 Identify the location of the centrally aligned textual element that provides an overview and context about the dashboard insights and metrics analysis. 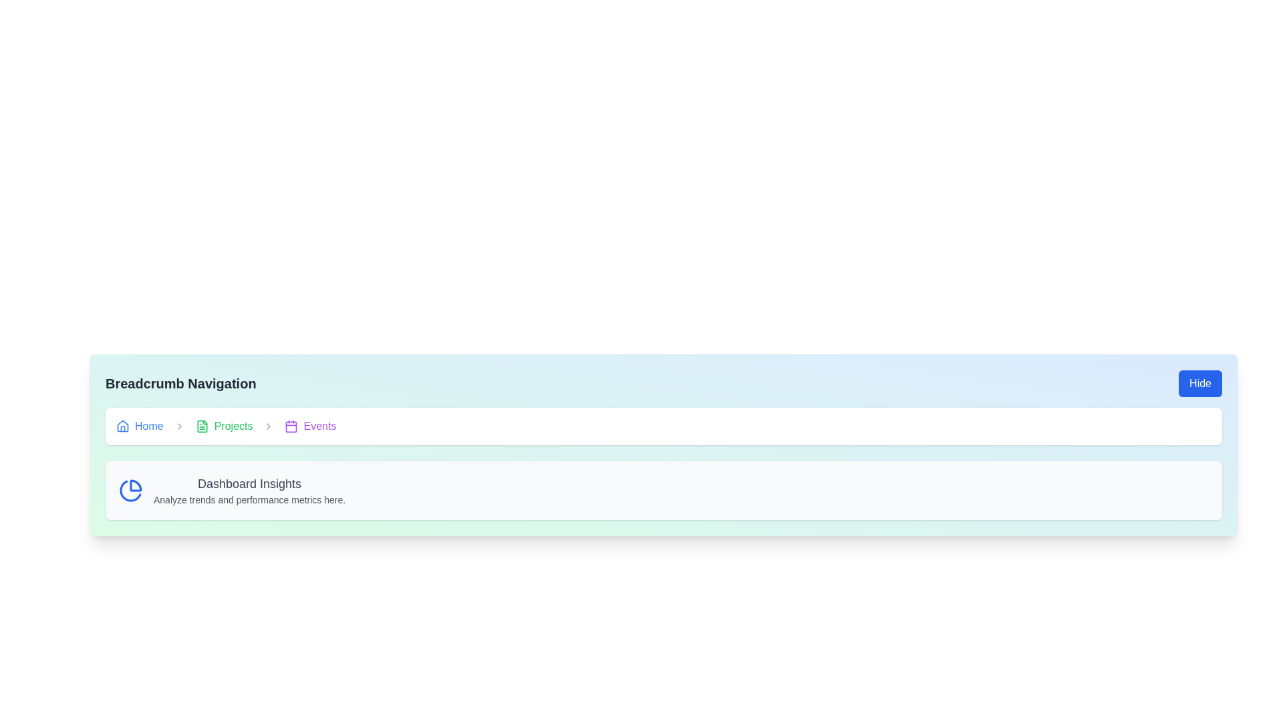
(664, 490).